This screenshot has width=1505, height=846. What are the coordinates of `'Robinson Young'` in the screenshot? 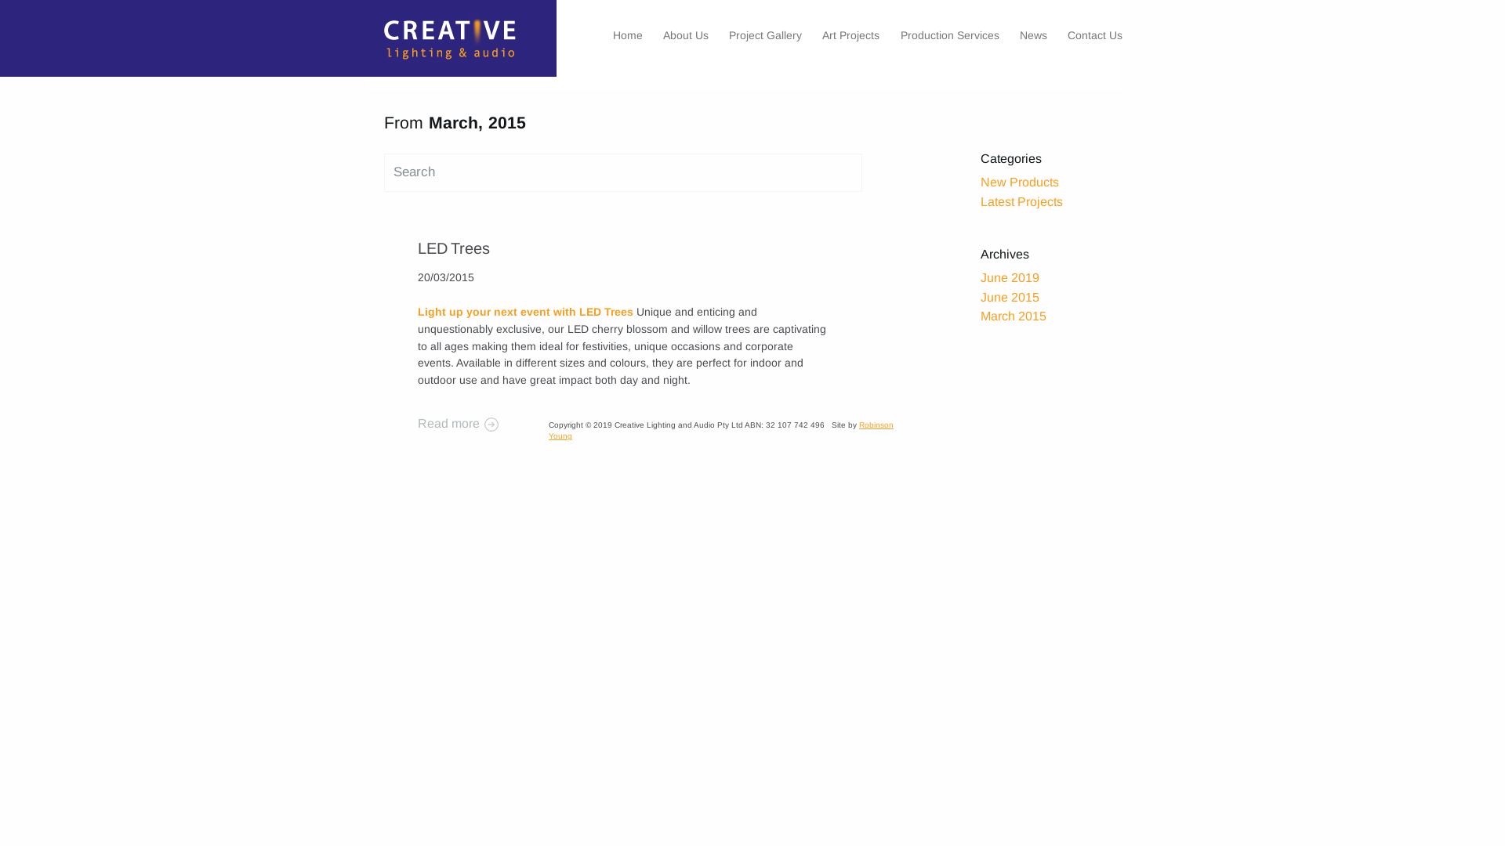 It's located at (720, 431).